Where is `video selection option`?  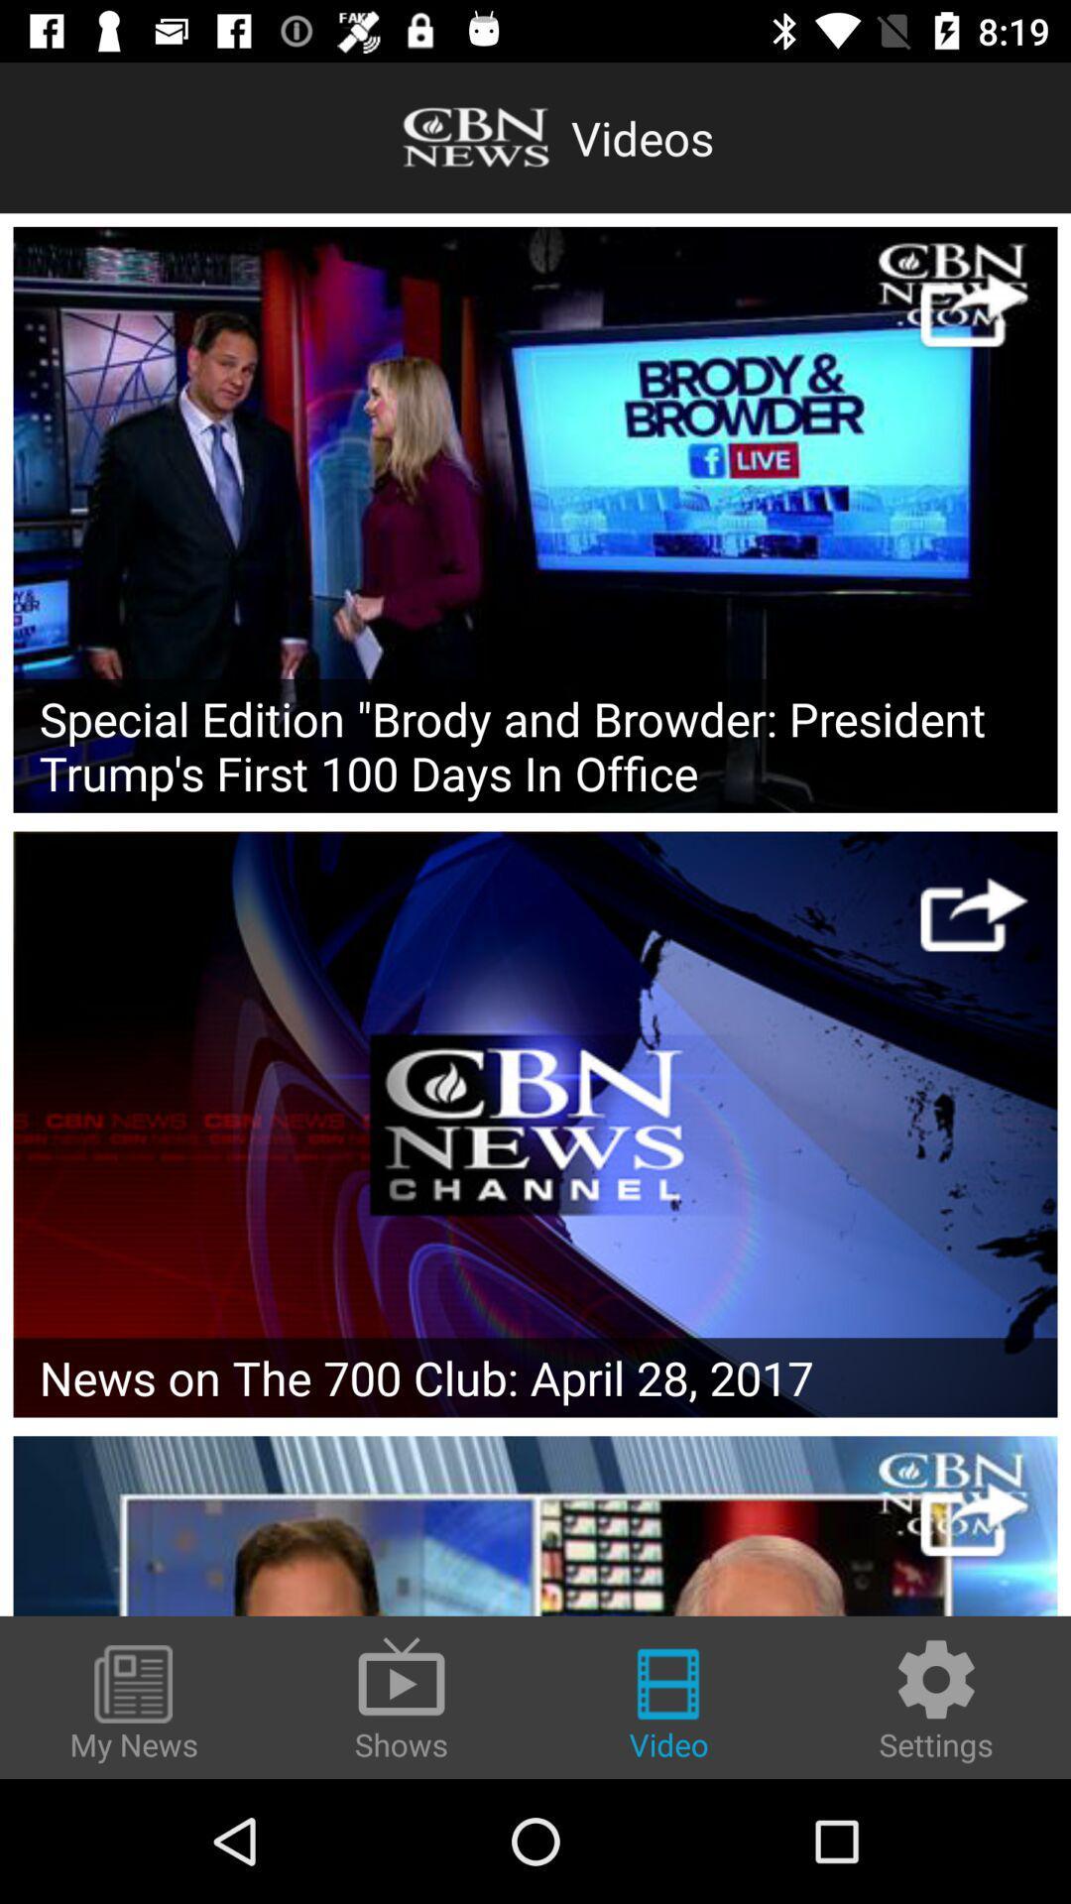
video selection option is located at coordinates (535, 520).